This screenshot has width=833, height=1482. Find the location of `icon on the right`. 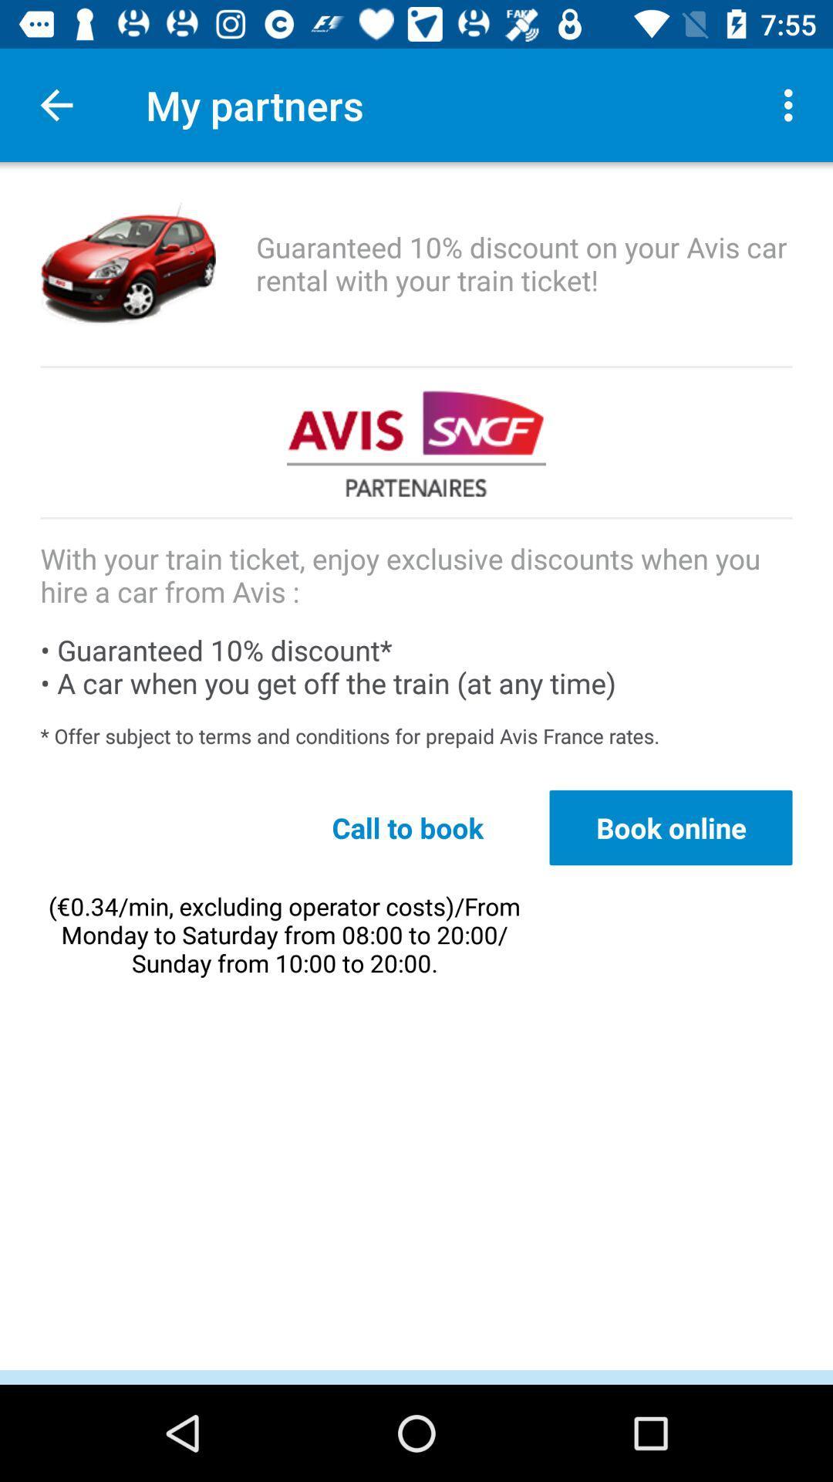

icon on the right is located at coordinates (670, 827).